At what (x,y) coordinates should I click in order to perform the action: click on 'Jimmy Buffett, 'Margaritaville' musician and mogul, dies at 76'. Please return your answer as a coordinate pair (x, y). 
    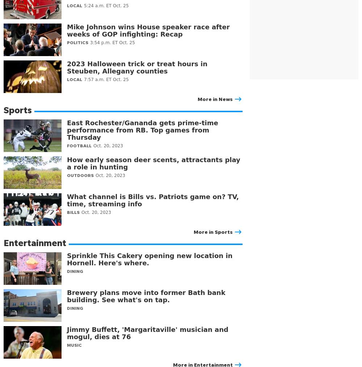
    Looking at the image, I should click on (147, 333).